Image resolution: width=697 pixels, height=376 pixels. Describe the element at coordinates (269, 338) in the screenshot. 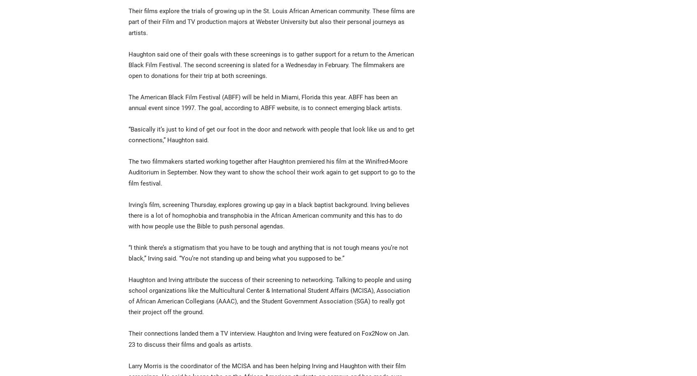

I see `'Their connections landed them a TV interview. Haughton and Irving were featured on Fox2Now on Jan. 23 to discuss their films and goals as artists.'` at that location.